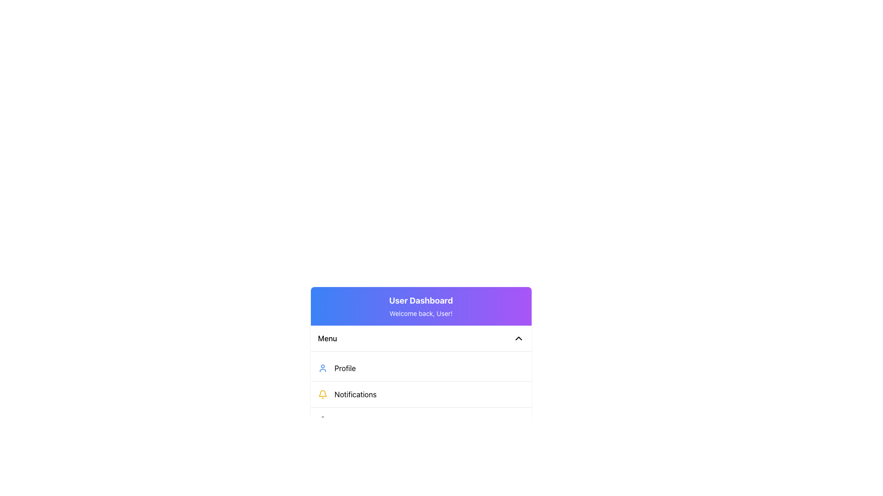  Describe the element at coordinates (420, 306) in the screenshot. I see `the Header Section that serves as a welcoming title and greeting for the user dashboard, positioned at the top of the panel with a colored background` at that location.